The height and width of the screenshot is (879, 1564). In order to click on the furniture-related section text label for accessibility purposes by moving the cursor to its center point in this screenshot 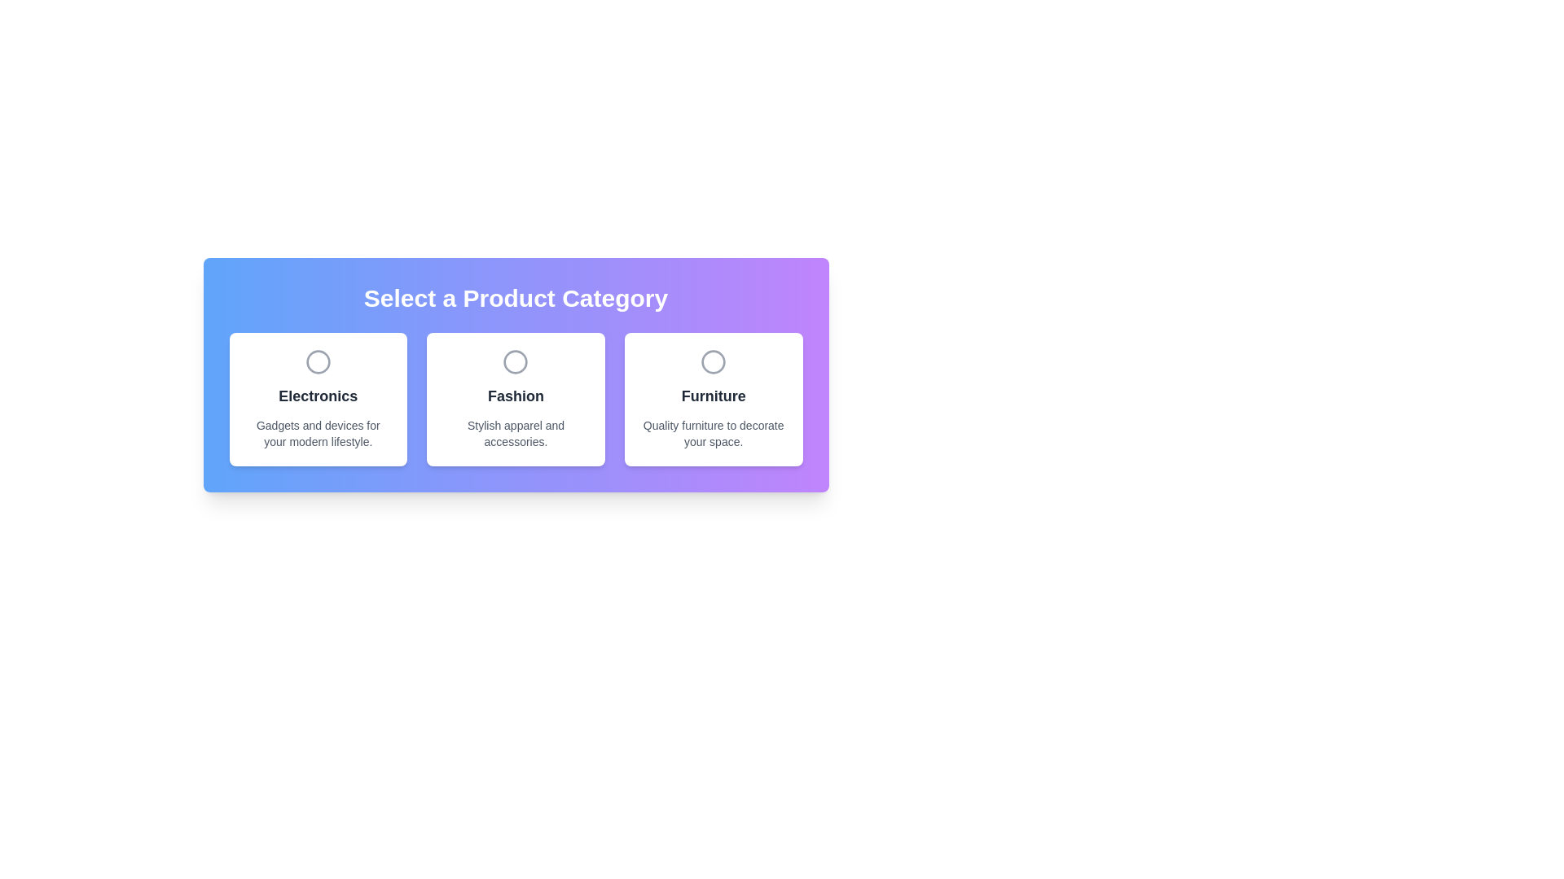, I will do `click(714, 396)`.